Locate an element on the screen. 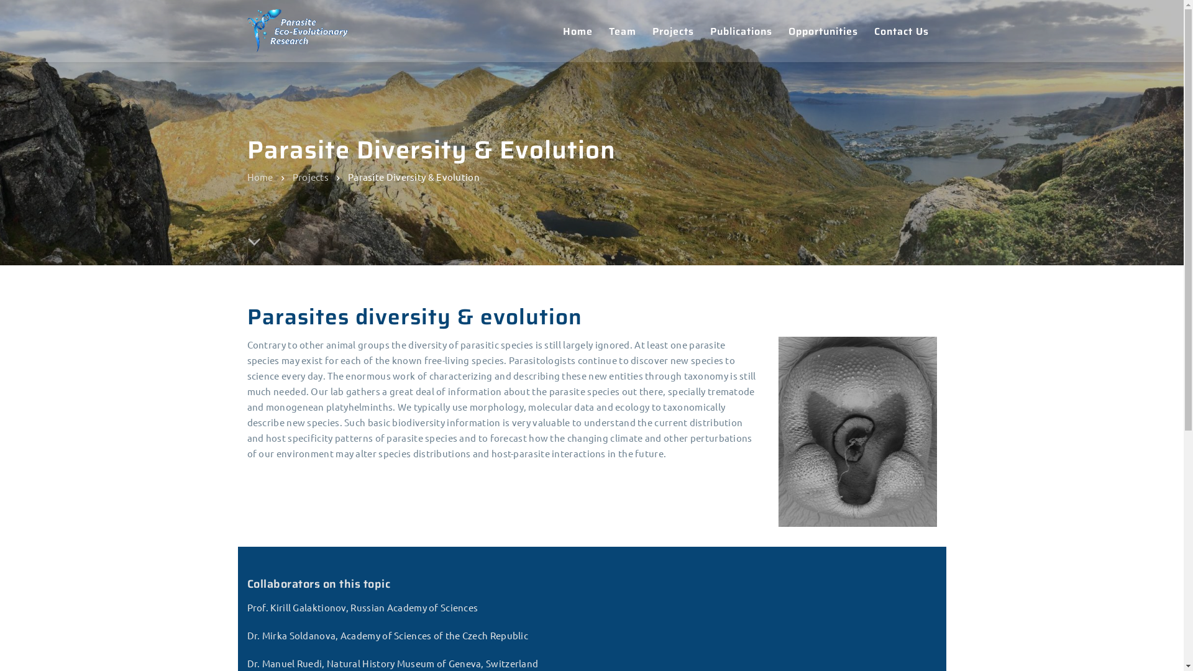 The width and height of the screenshot is (1193, 671). 'Projects' is located at coordinates (644, 30).